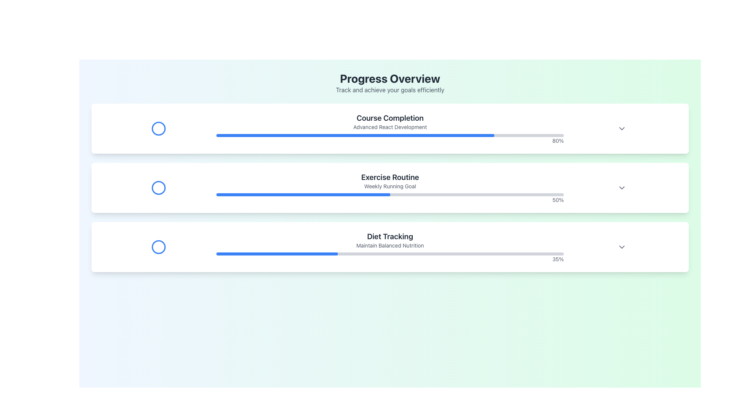 Image resolution: width=729 pixels, height=410 pixels. Describe the element at coordinates (390, 140) in the screenshot. I see `the Text Display (Percentage Value) located in the 'Course Completion' progress card, positioned to the far right of the progress bar adjacent to the completed blue portion` at that location.